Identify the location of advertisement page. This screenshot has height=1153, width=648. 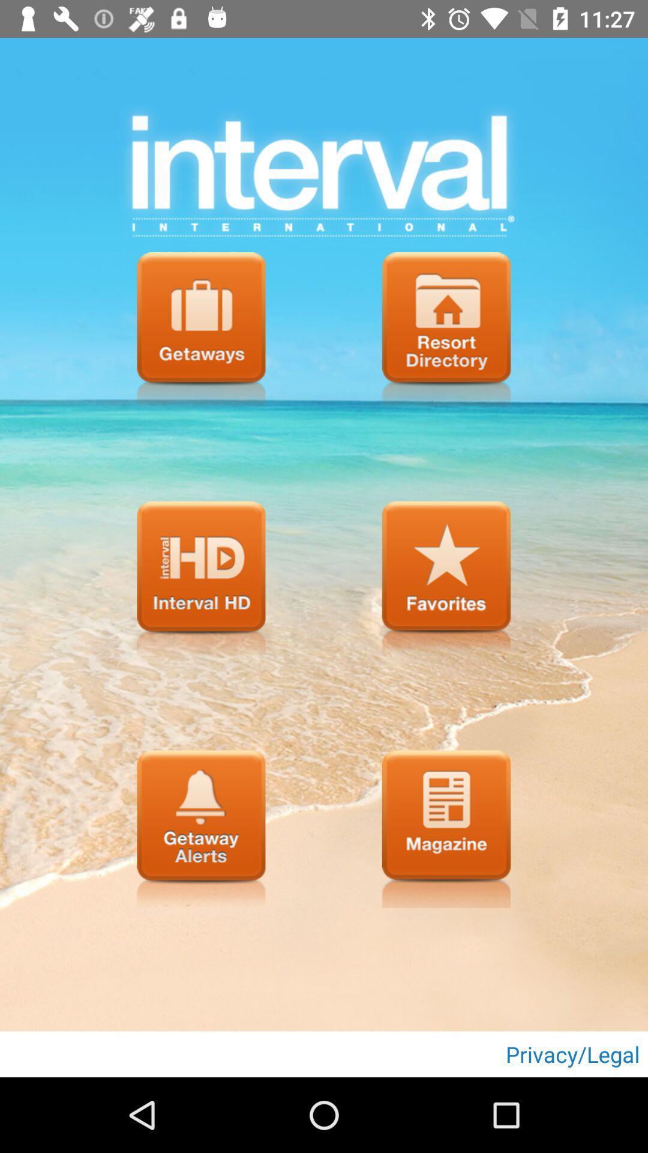
(446, 828).